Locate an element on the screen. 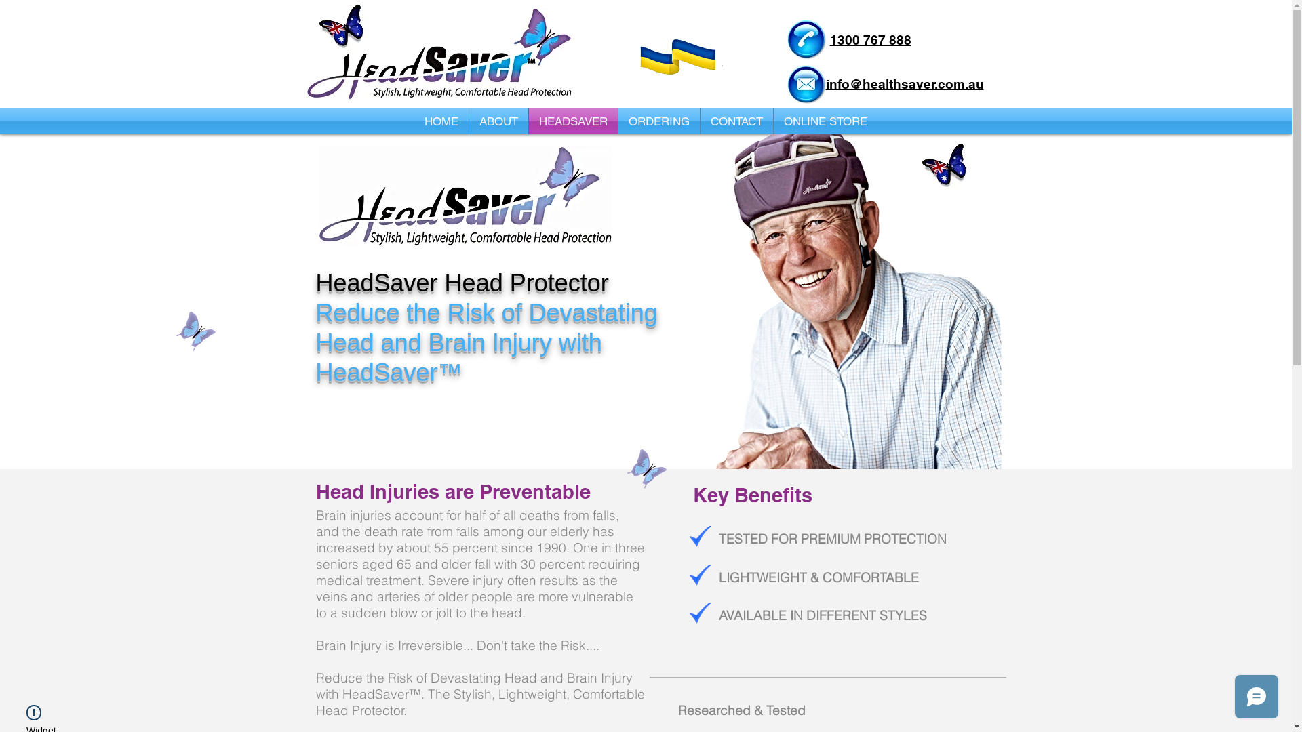  'info@healthsaver.com.au' is located at coordinates (905, 83).